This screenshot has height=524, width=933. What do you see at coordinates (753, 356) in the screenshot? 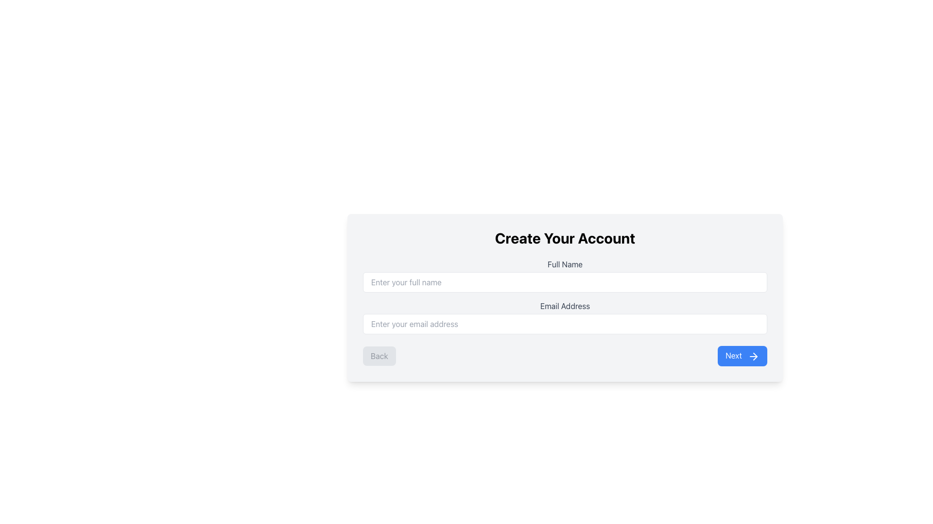
I see `the 'Next' button located at the bottom-right corner of the form, which contains a right-pointing arrow icon` at bounding box center [753, 356].